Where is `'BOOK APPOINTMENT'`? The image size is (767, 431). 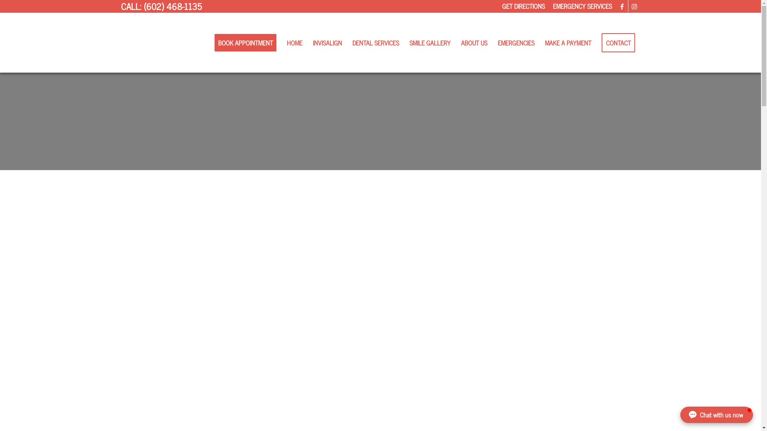
'BOOK APPOINTMENT' is located at coordinates (245, 43).